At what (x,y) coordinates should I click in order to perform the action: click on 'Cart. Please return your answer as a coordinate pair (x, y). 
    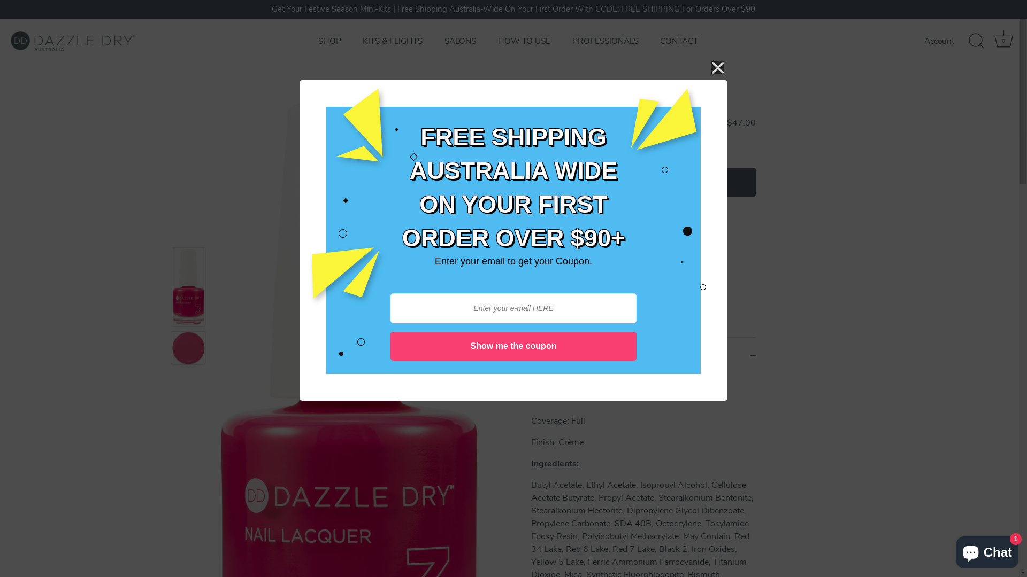
    Looking at the image, I should click on (991, 41).